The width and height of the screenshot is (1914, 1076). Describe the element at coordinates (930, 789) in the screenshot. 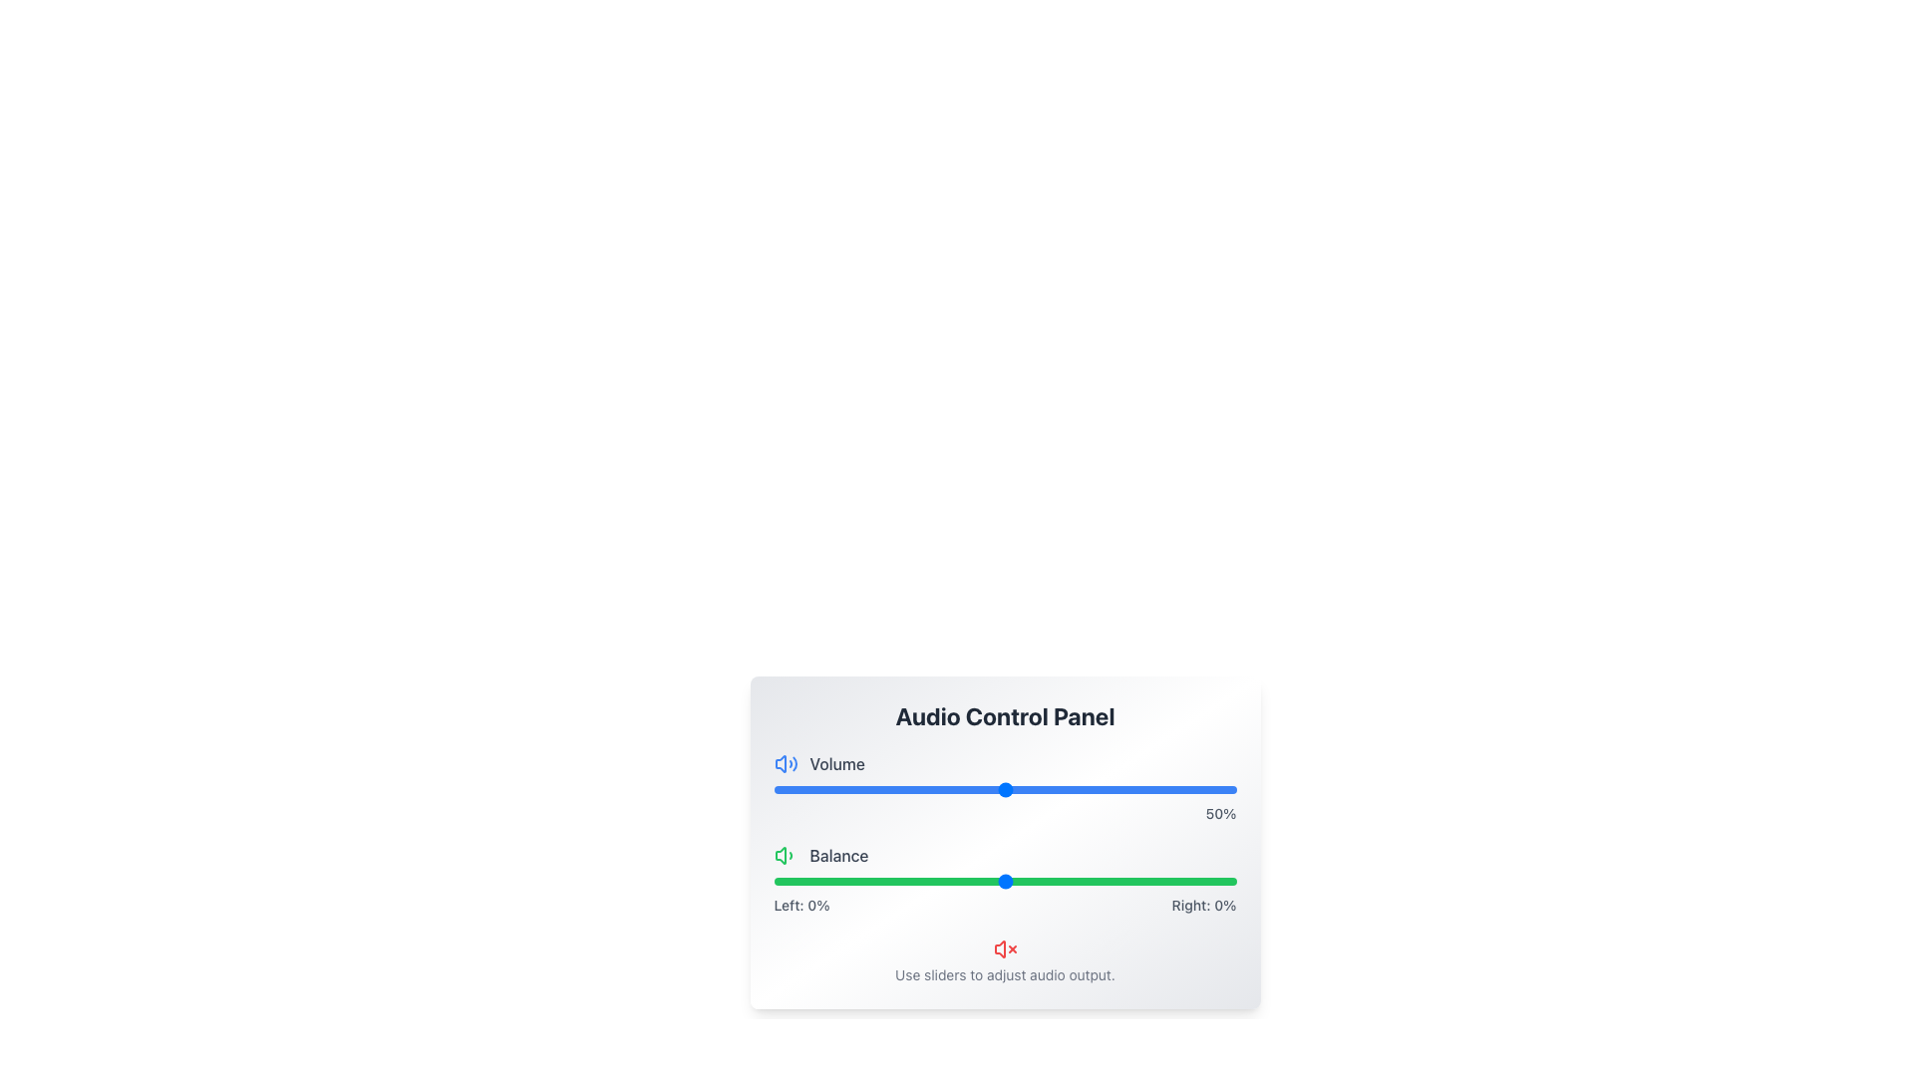

I see `the volume` at that location.